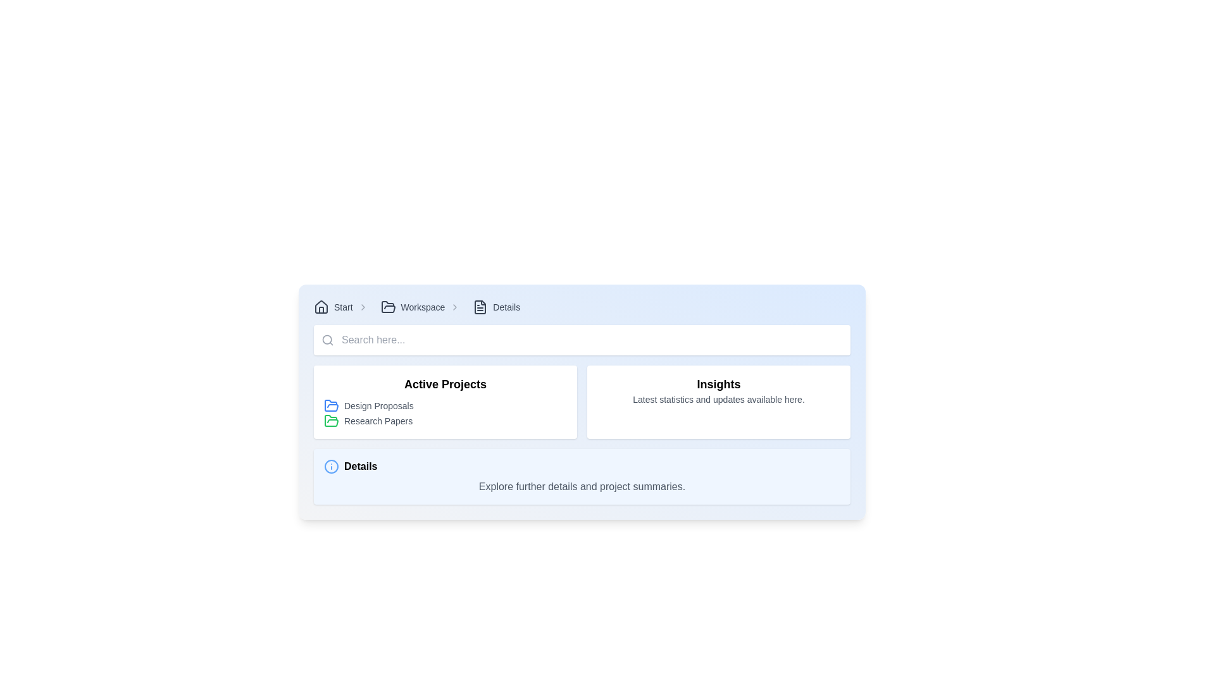 This screenshot has height=683, width=1215. Describe the element at coordinates (321, 307) in the screenshot. I see `the vector graphic indicator located at the top-left corner of the interface within the navigational header, which represents the starting point of the application's navigation system` at that location.